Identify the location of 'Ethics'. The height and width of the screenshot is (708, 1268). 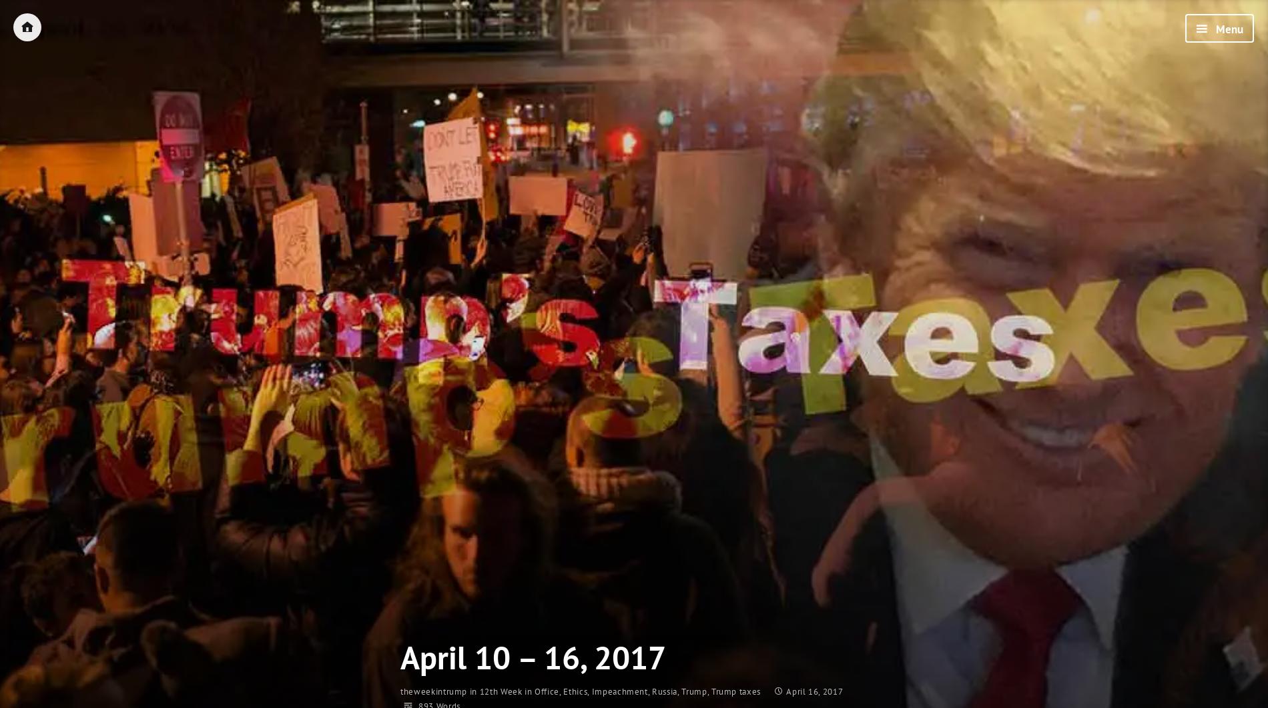
(575, 691).